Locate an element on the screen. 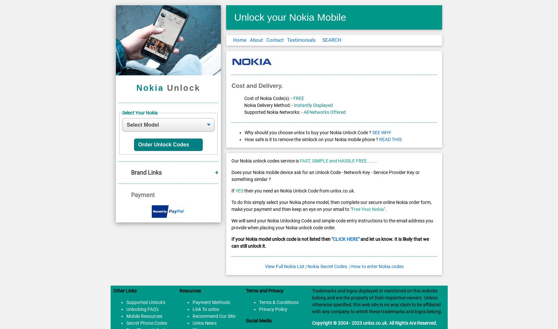  'Terms and Privacy' is located at coordinates (264, 291).